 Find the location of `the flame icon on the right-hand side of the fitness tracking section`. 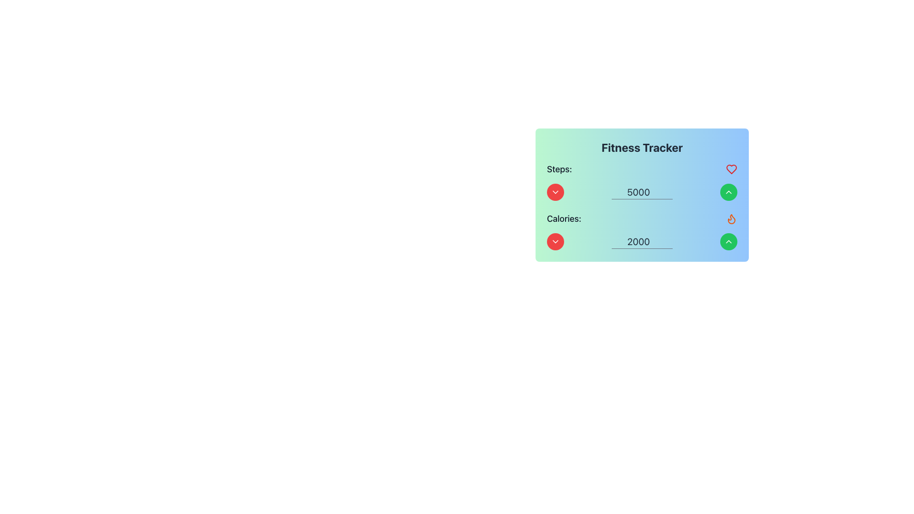

the flame icon on the right-hand side of the fitness tracking section is located at coordinates (731, 218).